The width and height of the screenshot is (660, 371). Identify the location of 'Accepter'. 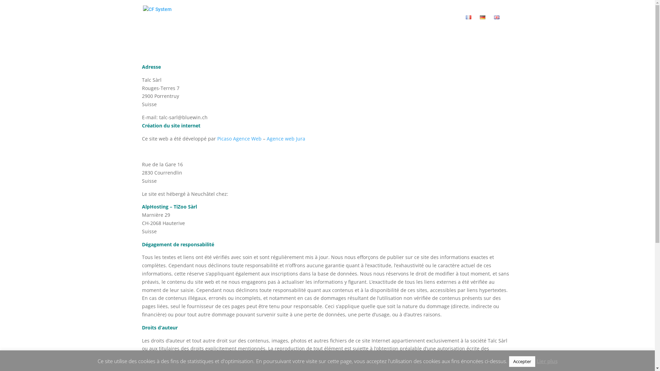
(521, 361).